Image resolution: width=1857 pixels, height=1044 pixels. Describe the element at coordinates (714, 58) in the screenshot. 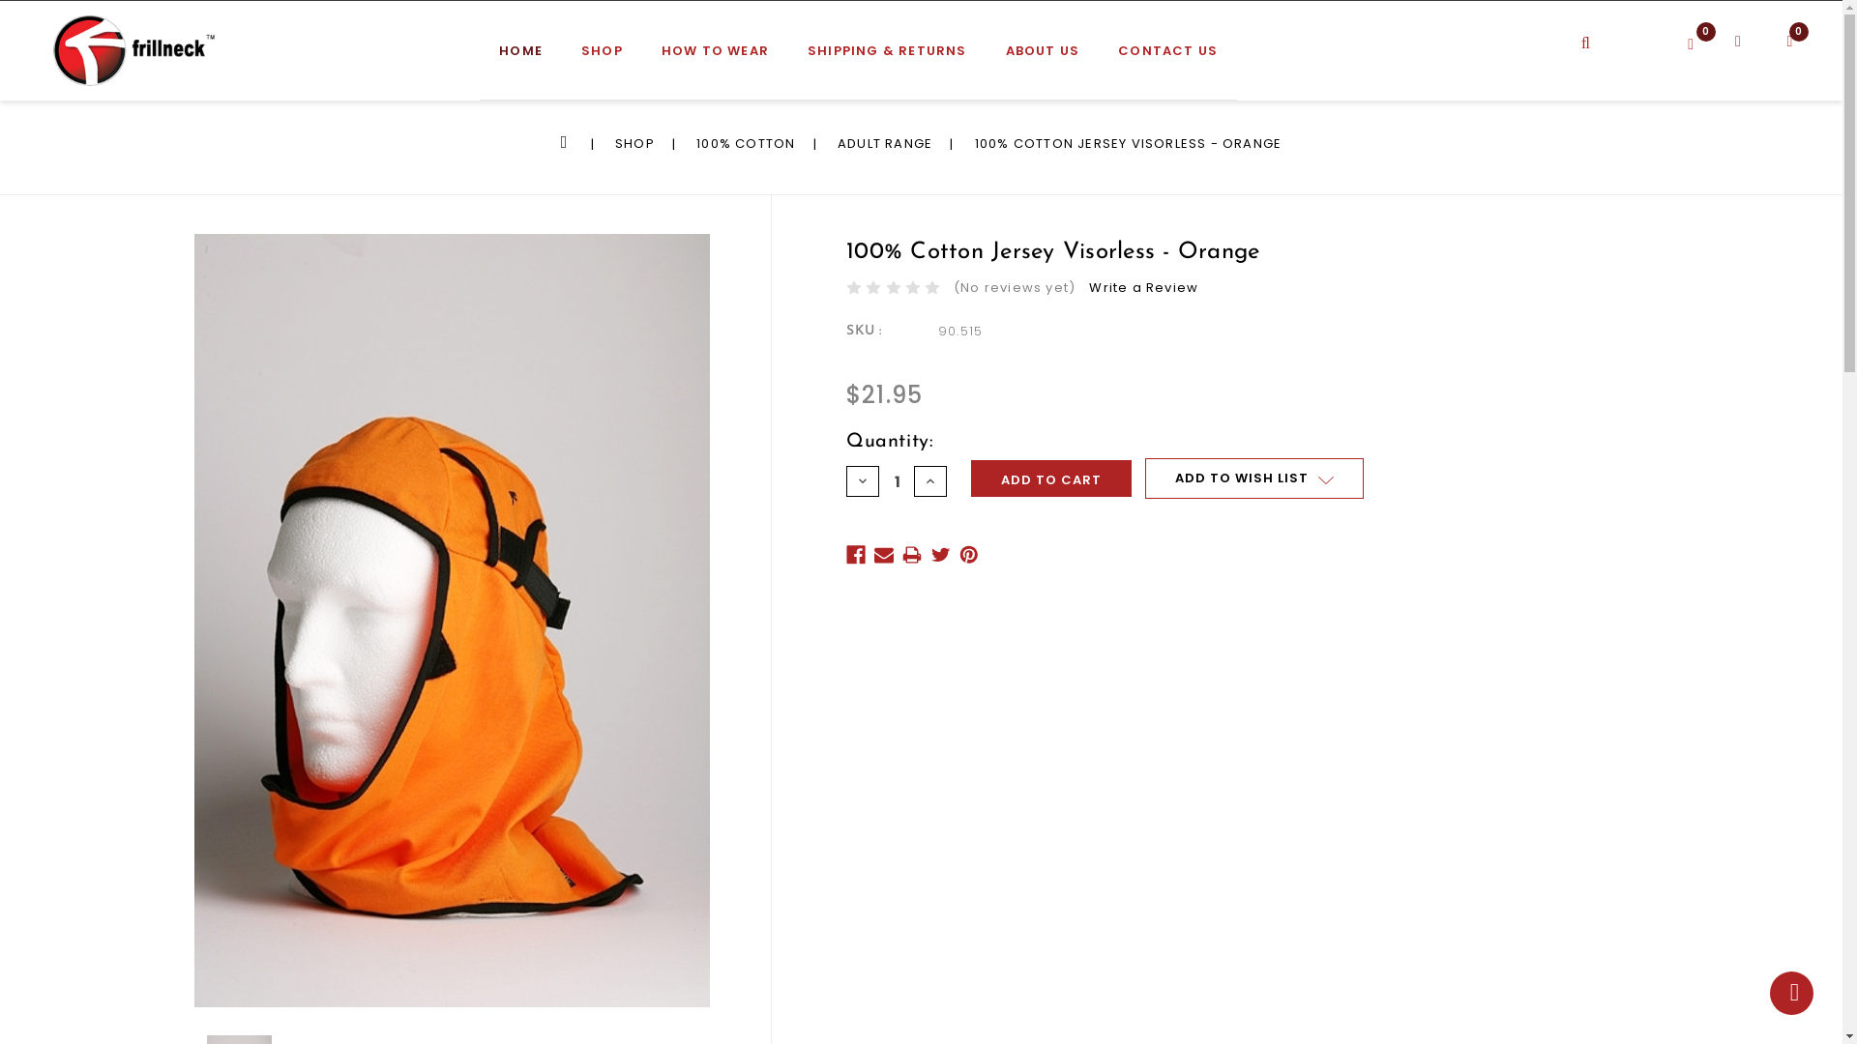

I see `'HOW TO WEAR'` at that location.